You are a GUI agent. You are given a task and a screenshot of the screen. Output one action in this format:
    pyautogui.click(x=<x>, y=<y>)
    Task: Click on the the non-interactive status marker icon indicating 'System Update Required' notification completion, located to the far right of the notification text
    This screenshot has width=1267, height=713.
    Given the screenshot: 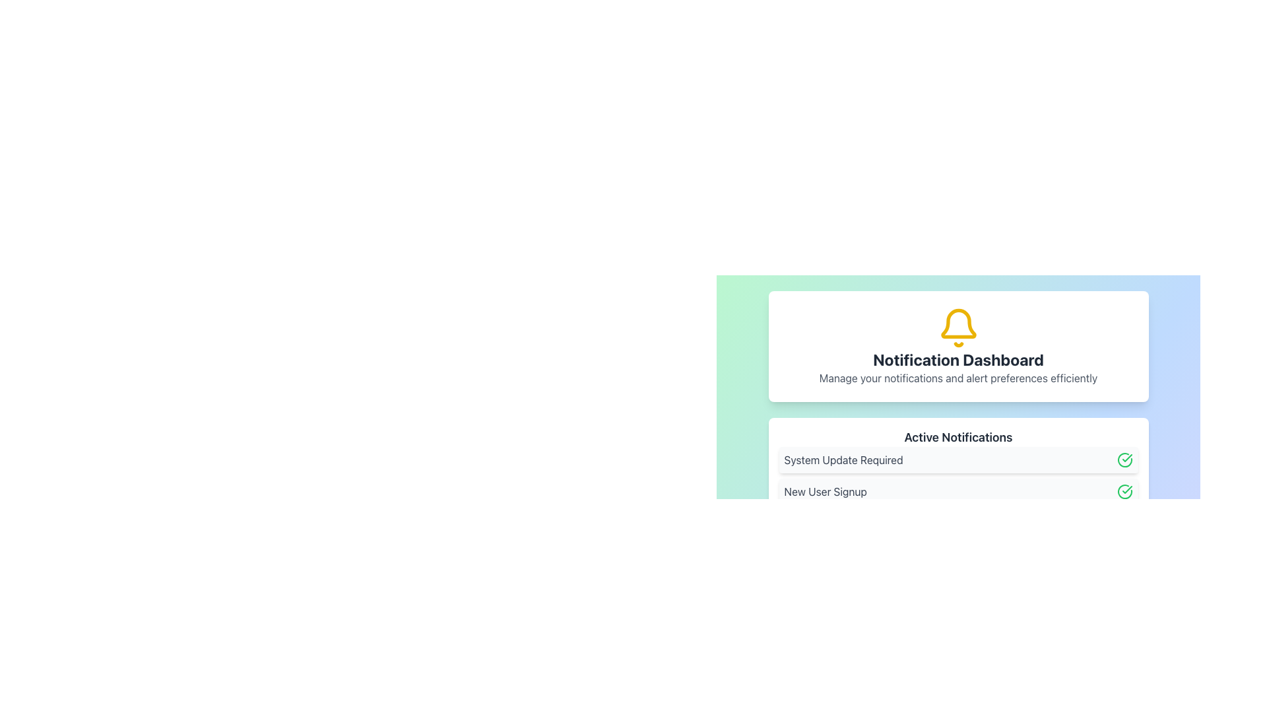 What is the action you would take?
    pyautogui.click(x=1124, y=459)
    